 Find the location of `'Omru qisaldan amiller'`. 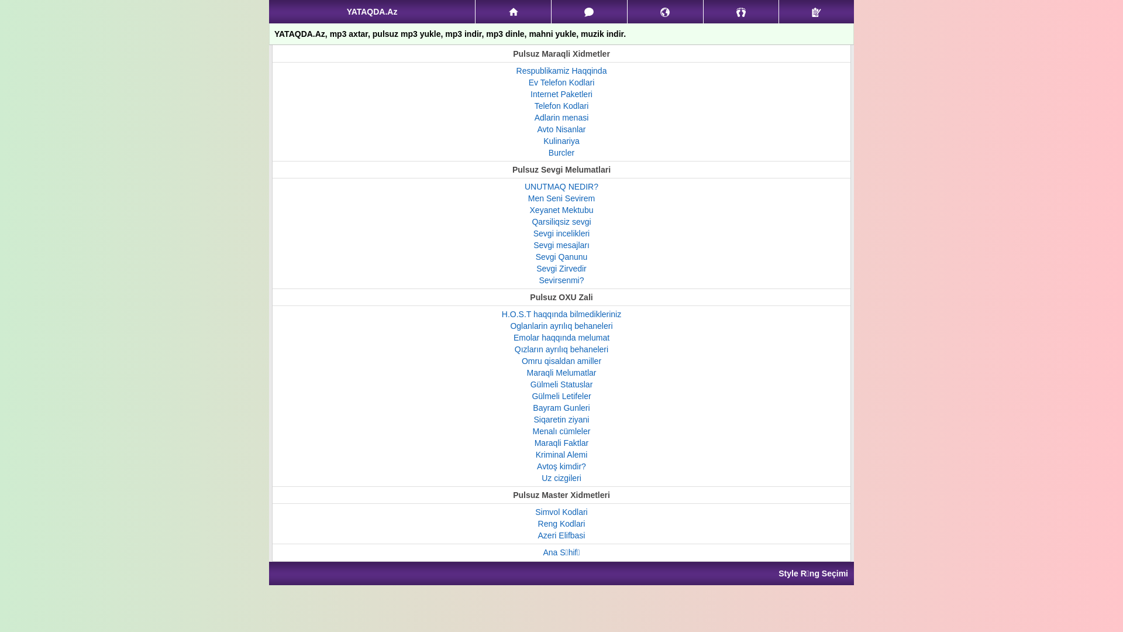

'Omru qisaldan amiller' is located at coordinates (561, 360).